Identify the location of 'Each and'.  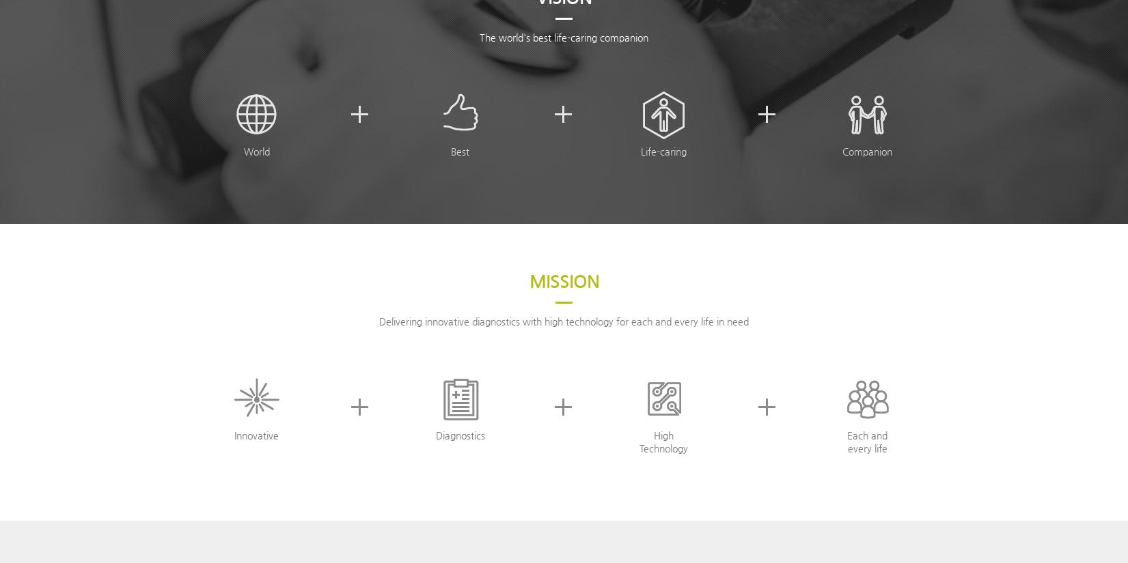
(847, 433).